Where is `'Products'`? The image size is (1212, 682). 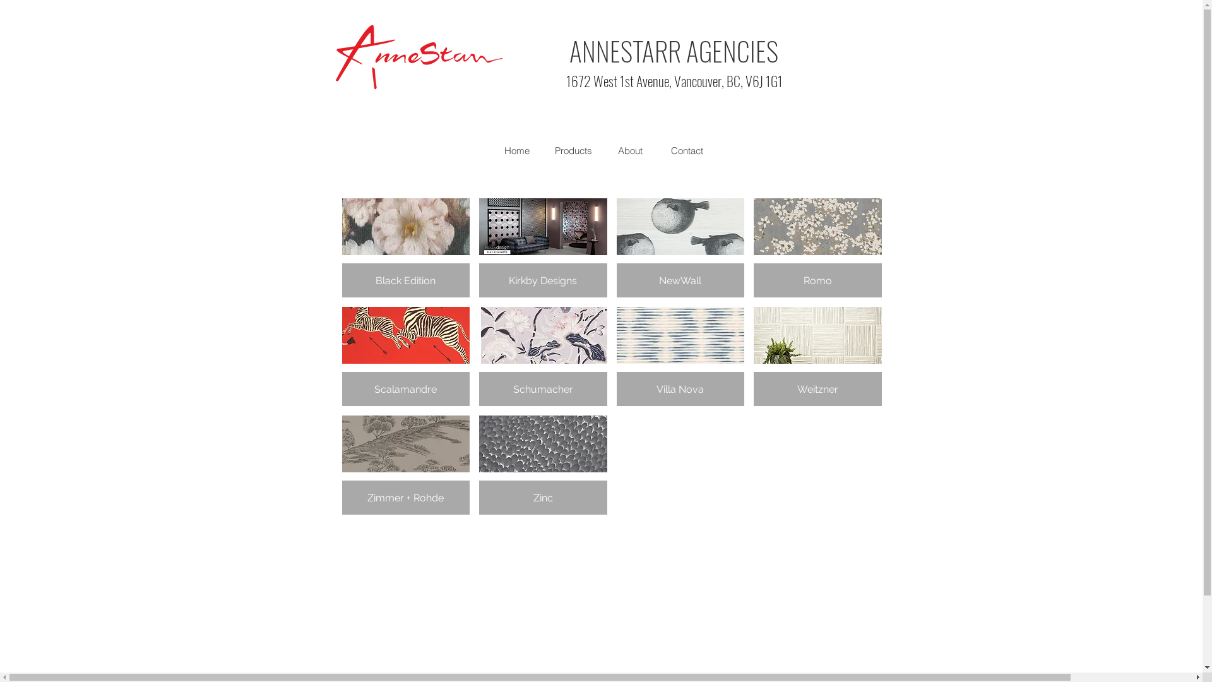 'Products' is located at coordinates (572, 150).